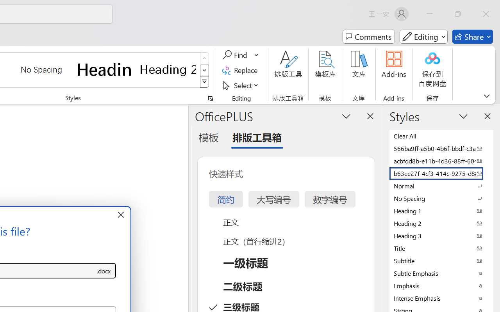 The height and width of the screenshot is (312, 500). What do you see at coordinates (241, 85) in the screenshot?
I see `'Select'` at bounding box center [241, 85].